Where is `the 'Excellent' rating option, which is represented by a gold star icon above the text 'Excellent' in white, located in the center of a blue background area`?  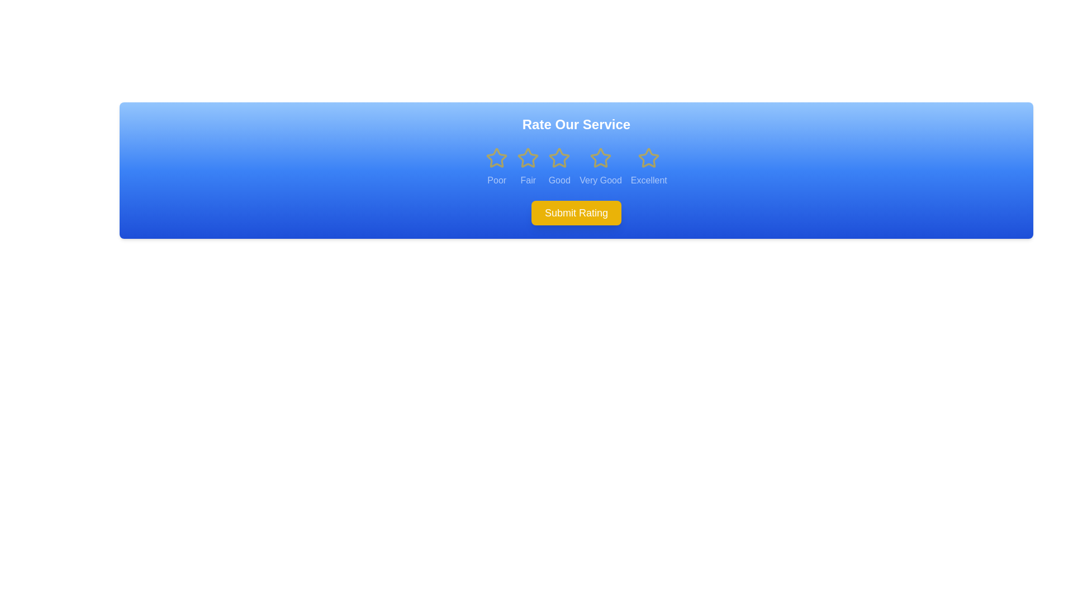
the 'Excellent' rating option, which is represented by a gold star icon above the text 'Excellent' in white, located in the center of a blue background area is located at coordinates (649, 167).